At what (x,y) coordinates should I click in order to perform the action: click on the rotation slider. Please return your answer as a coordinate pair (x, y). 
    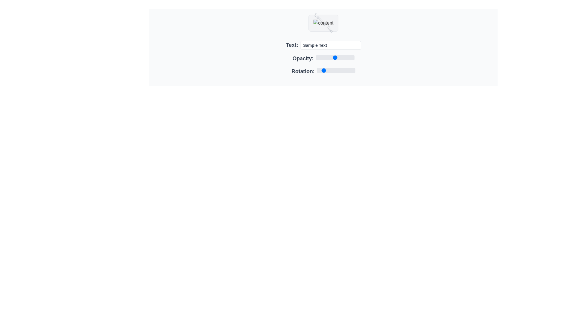
    Looking at the image, I should click on (347, 70).